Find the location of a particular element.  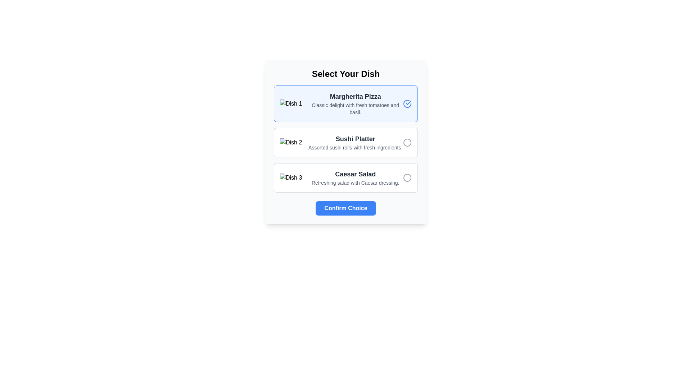

the 'Caesar Salad' dish image and label element, which is the third dish card in the list, located in the leftmost position above the descriptive text is located at coordinates (291, 177).